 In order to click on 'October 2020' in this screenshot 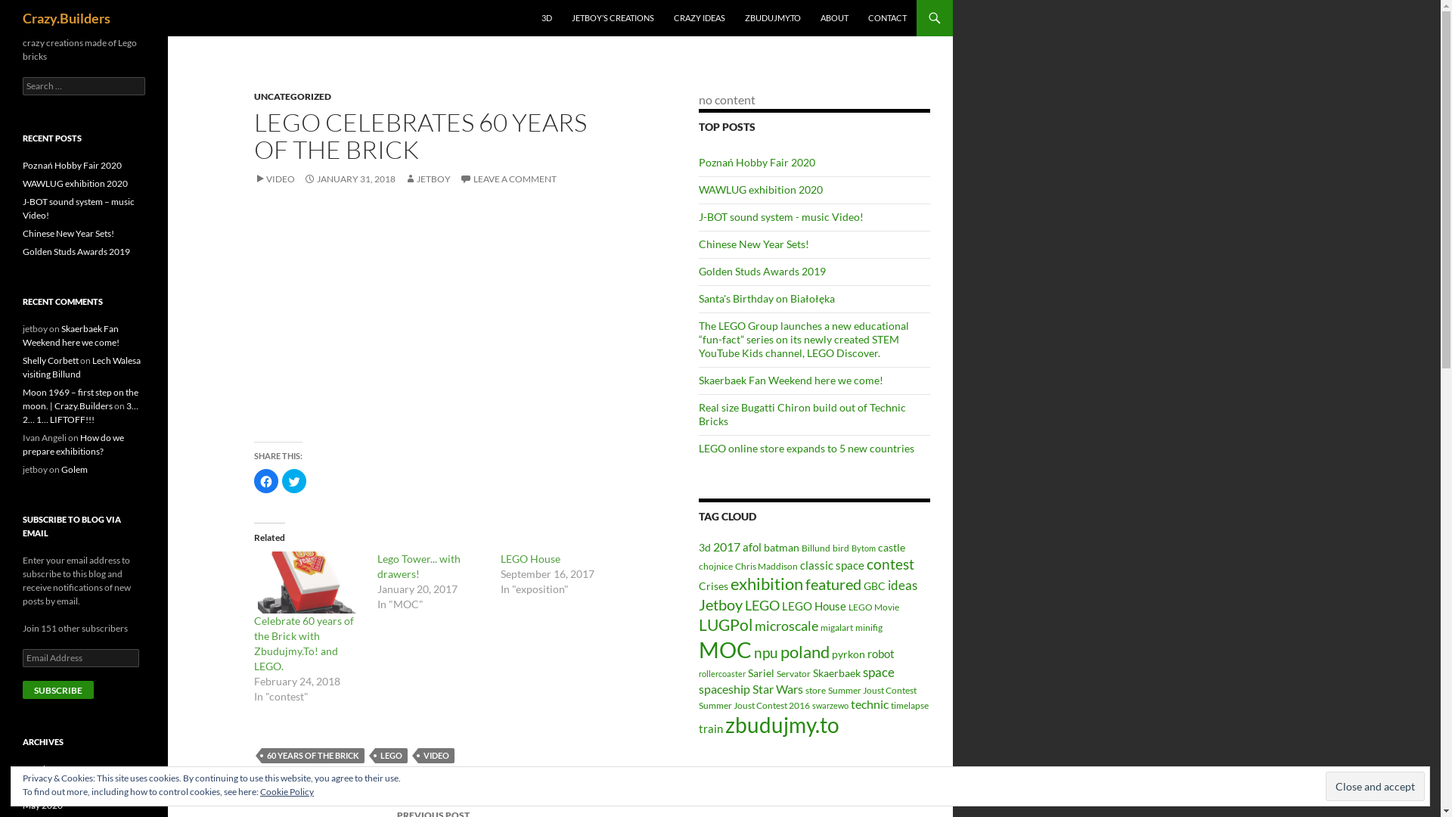, I will do `click(51, 769)`.